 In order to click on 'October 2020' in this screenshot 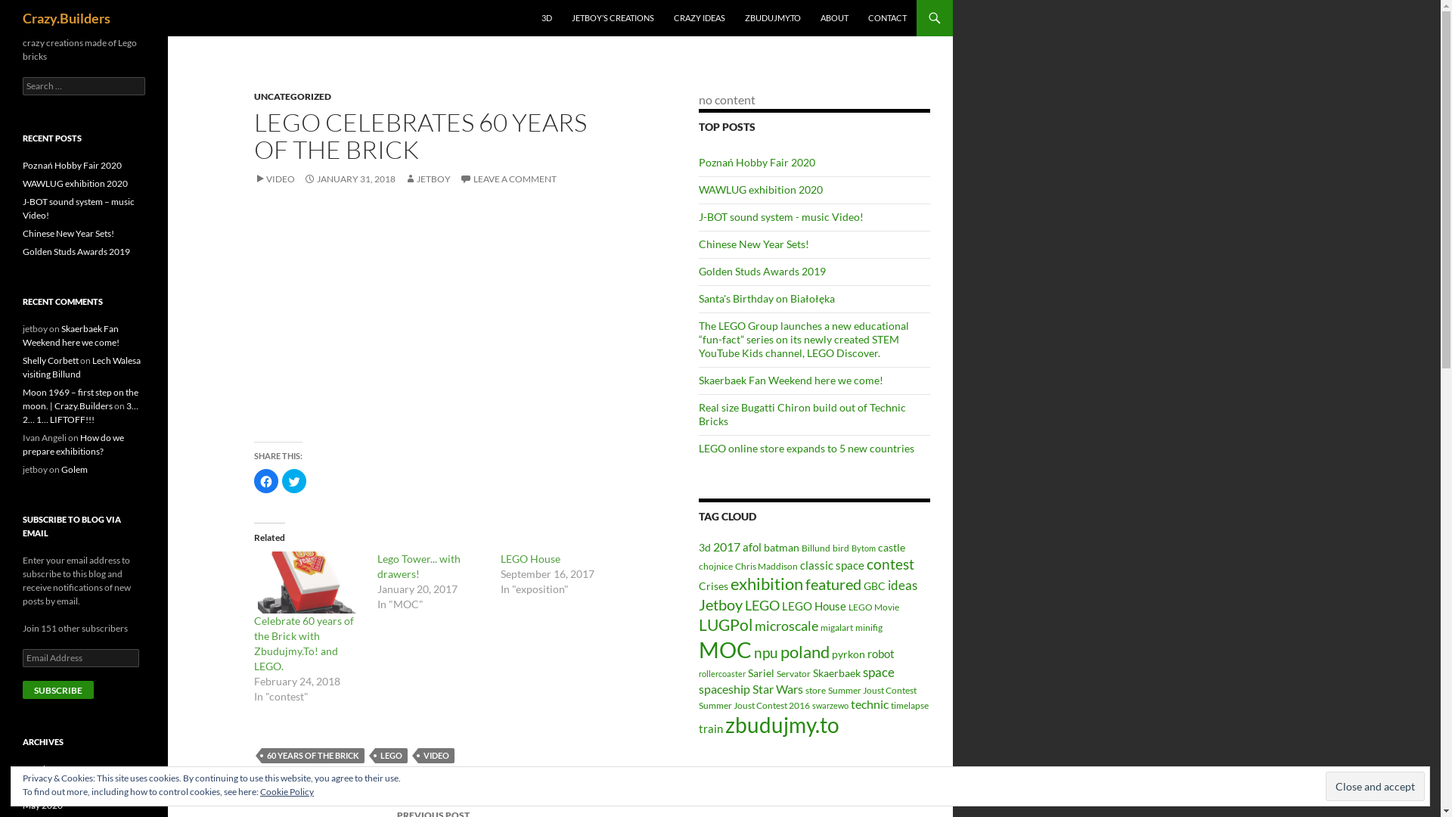, I will do `click(51, 769)`.